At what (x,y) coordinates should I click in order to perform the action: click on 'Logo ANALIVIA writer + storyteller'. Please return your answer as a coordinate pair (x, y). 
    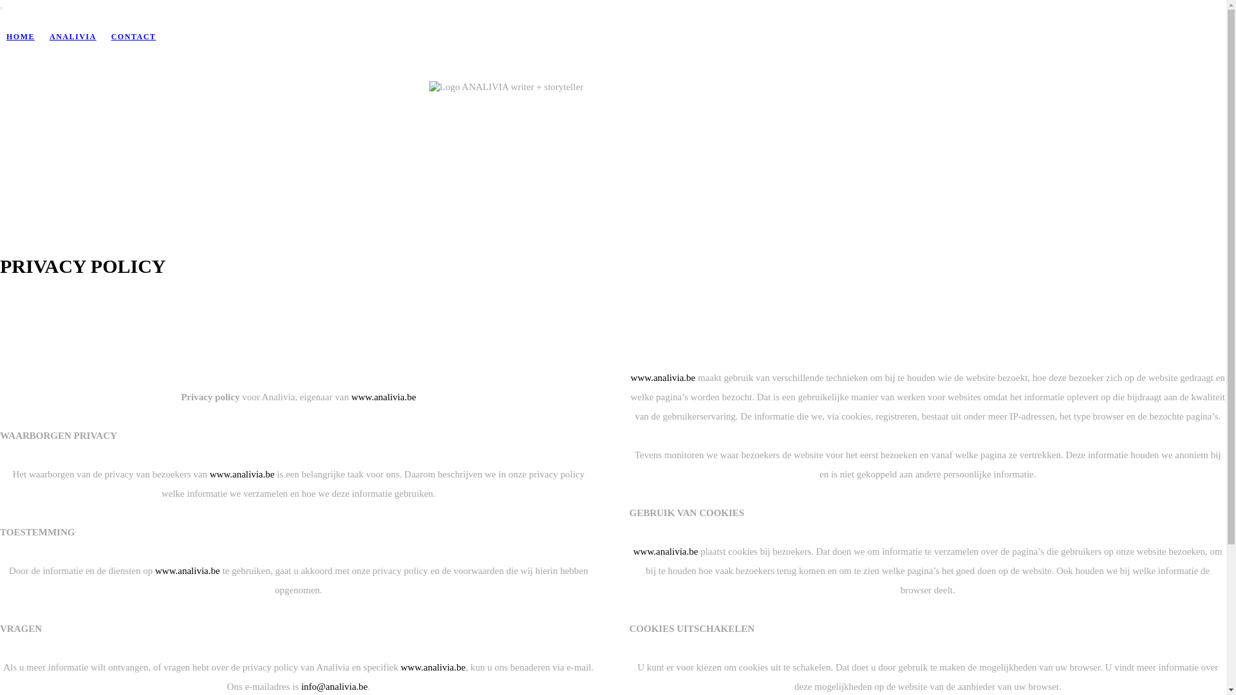
    Looking at the image, I should click on (505, 87).